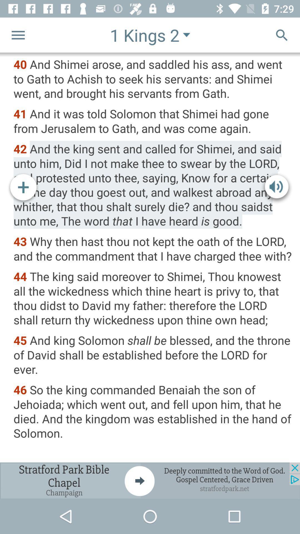 The image size is (300, 534). I want to click on more, so click(23, 188).